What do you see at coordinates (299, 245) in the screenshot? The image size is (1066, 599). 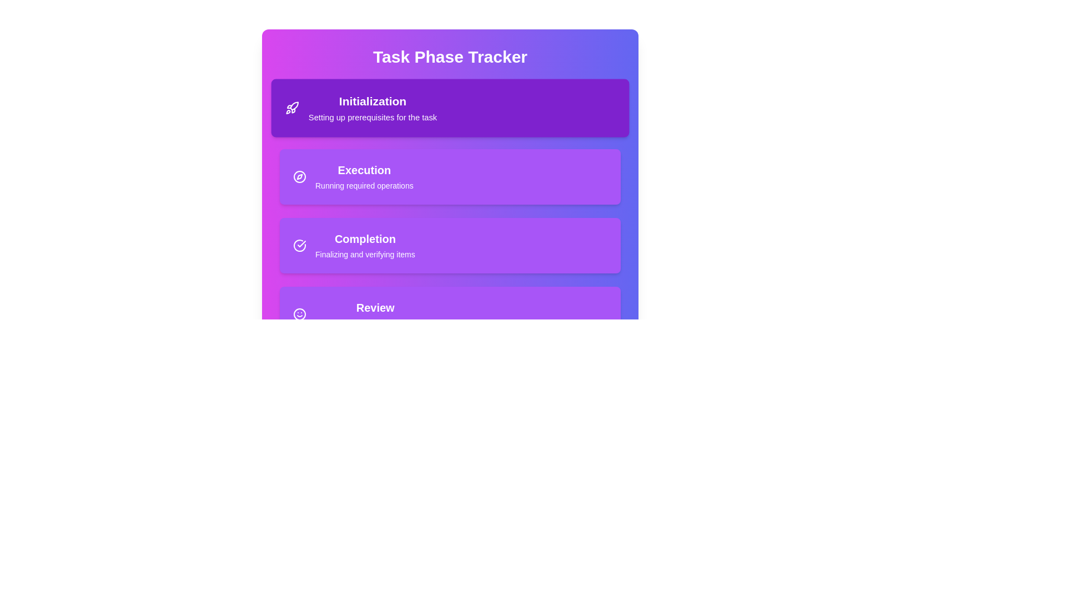 I see `the decorative icon that represents the status within the 'Completion' section, located adjacent to the text 'Finalizing and verifying items'` at bounding box center [299, 245].